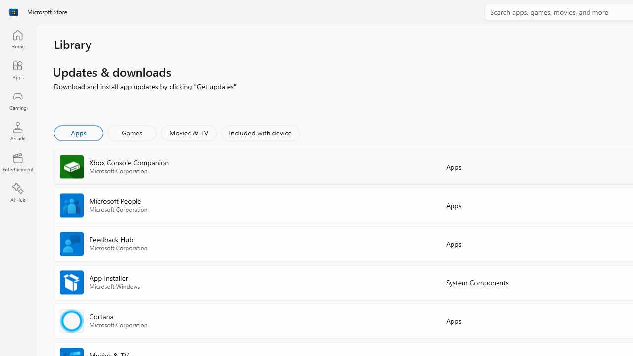  What do you see at coordinates (17, 100) in the screenshot?
I see `'Gaming'` at bounding box center [17, 100].